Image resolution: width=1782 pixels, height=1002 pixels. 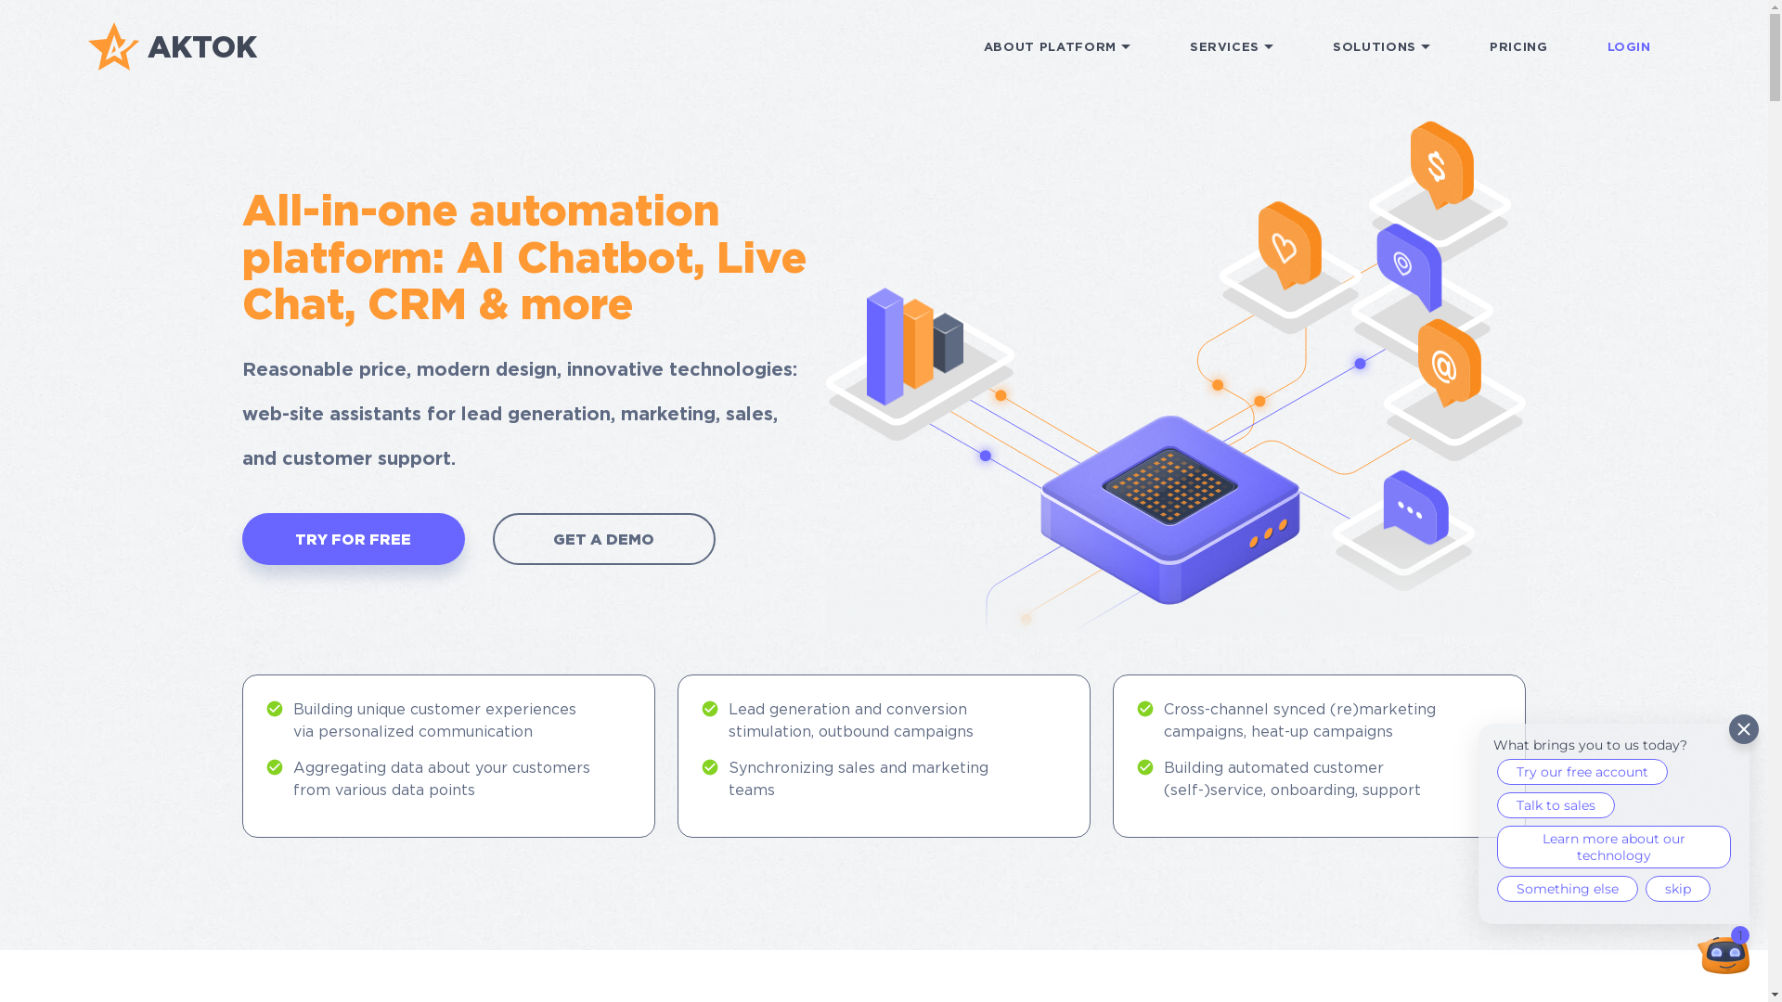 I want to click on 'ABOUT PLATFORM', so click(x=954, y=45).